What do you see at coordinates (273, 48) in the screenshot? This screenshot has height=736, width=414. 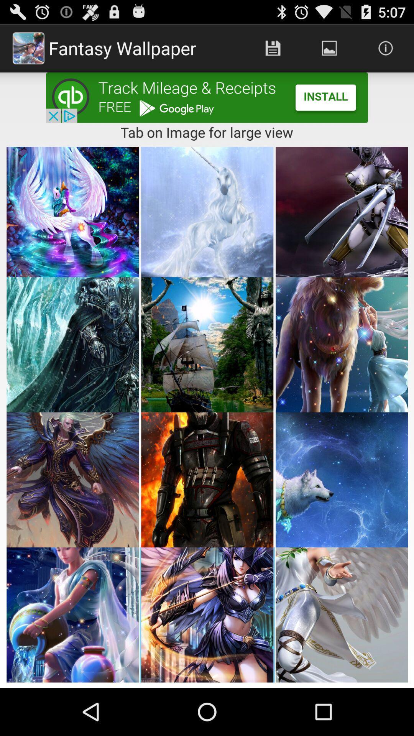 I see `the icon right to fantasy wallpaper` at bounding box center [273, 48].